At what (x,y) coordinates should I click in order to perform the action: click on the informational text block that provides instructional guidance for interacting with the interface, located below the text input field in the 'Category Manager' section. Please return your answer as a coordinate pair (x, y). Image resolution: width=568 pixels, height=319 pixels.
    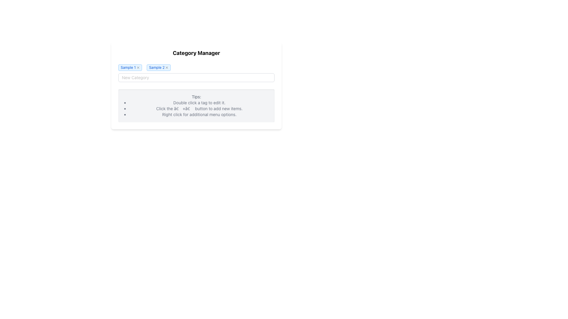
    Looking at the image, I should click on (196, 105).